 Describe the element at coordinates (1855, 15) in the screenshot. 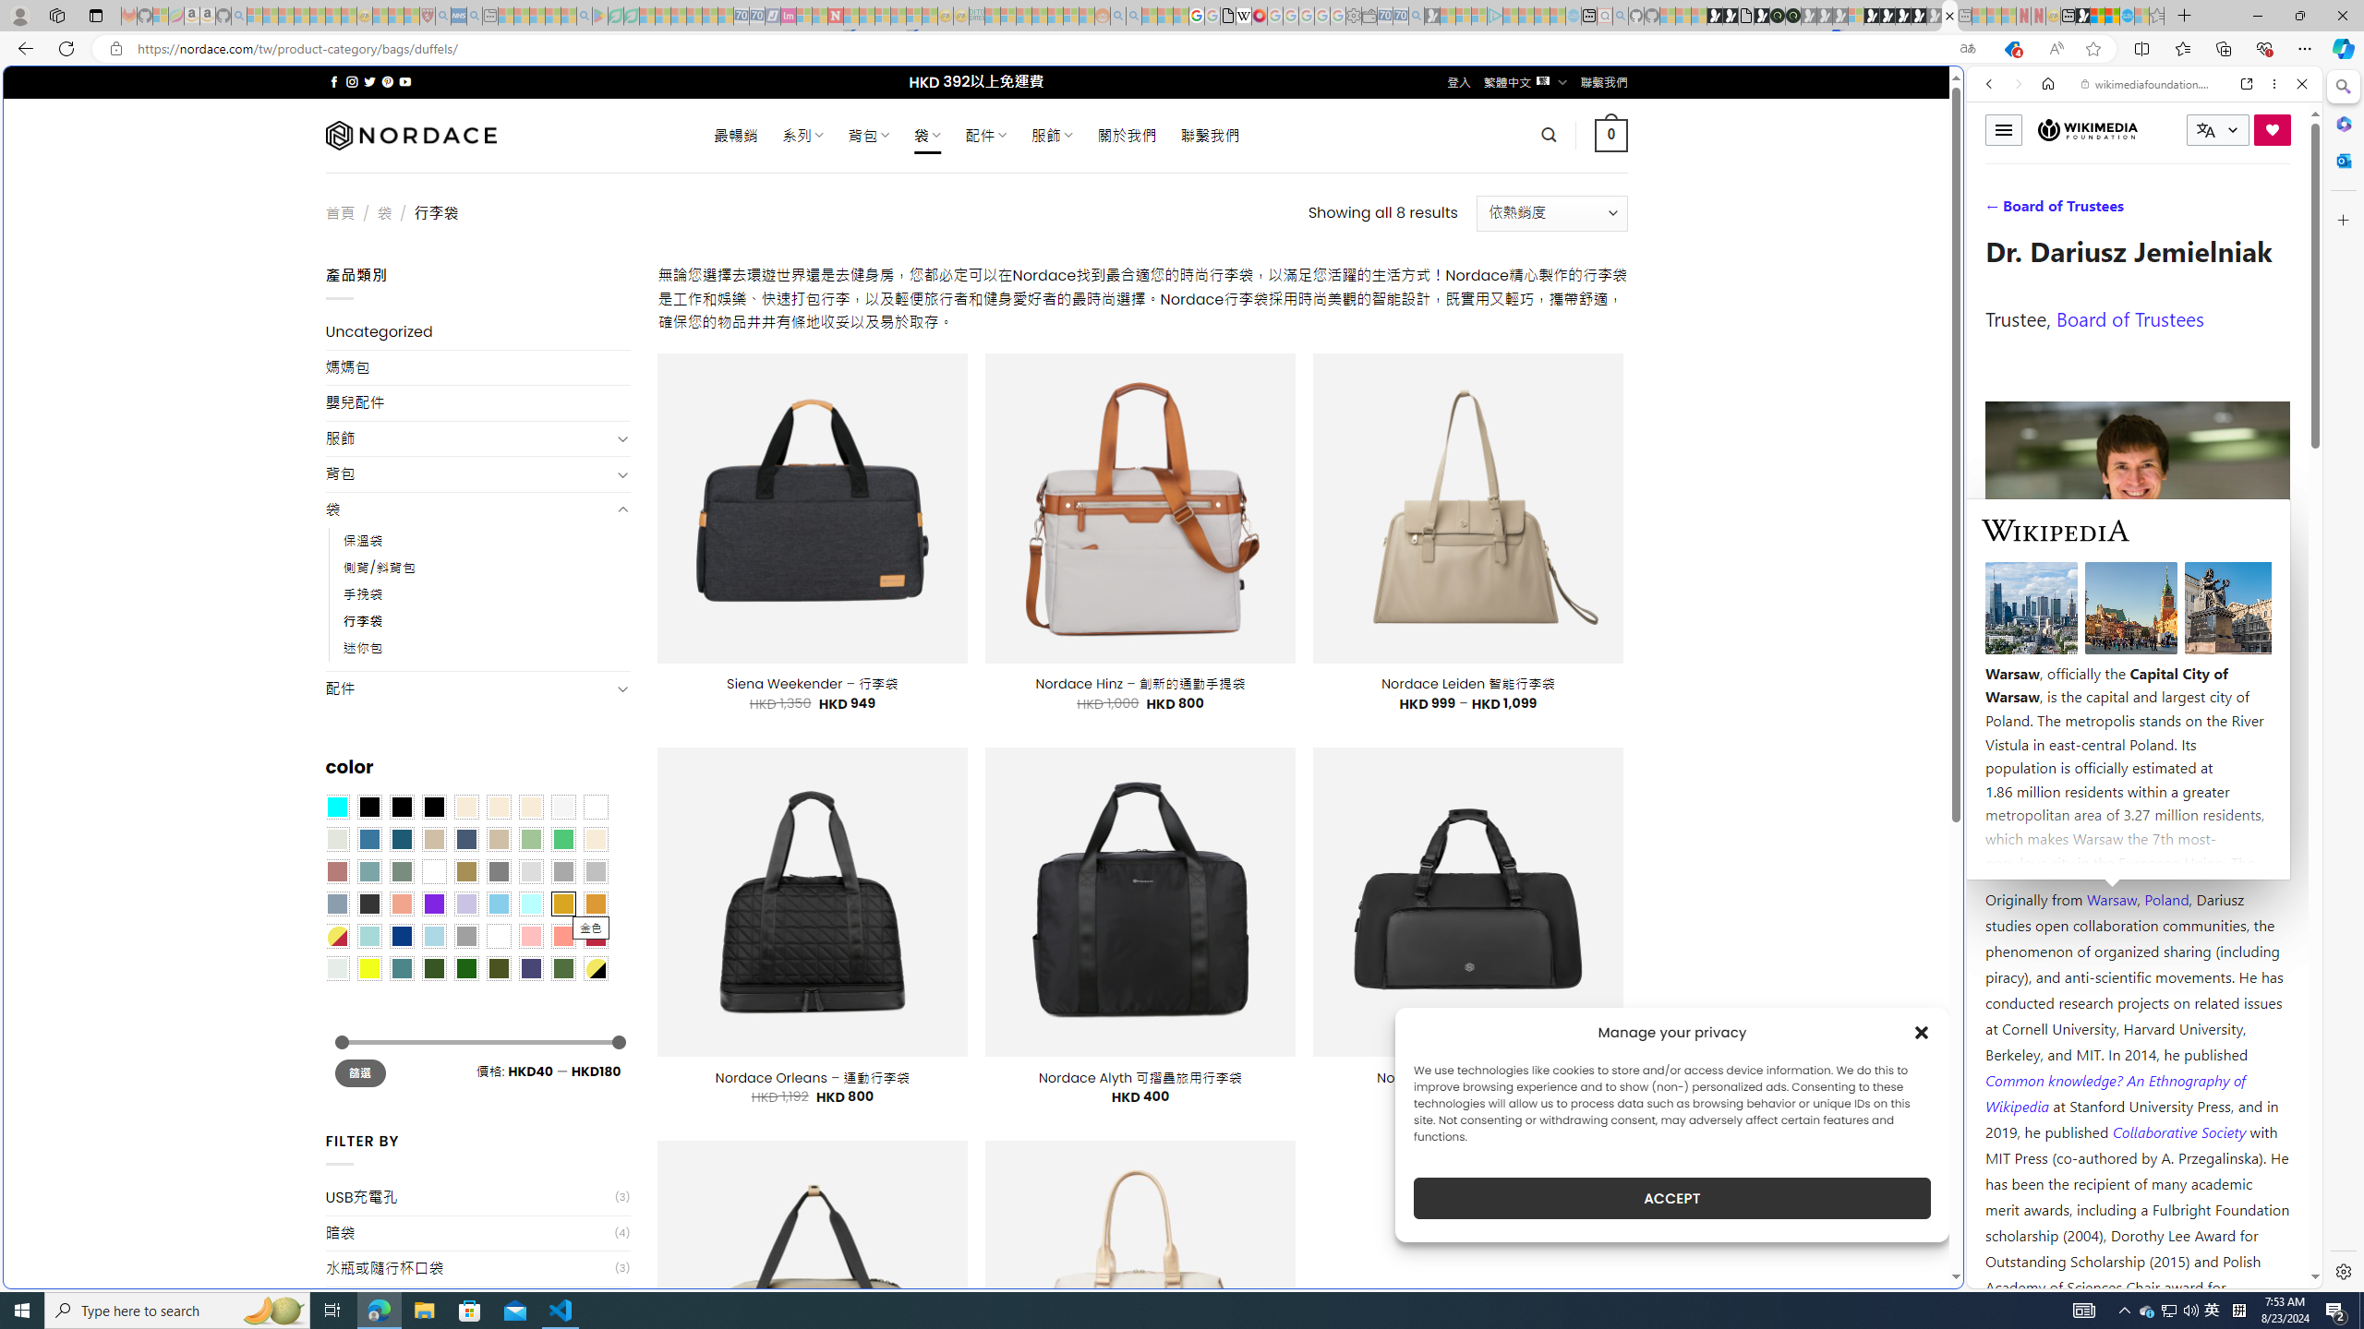

I see `'Sign in to your account - Sleeping'` at that location.